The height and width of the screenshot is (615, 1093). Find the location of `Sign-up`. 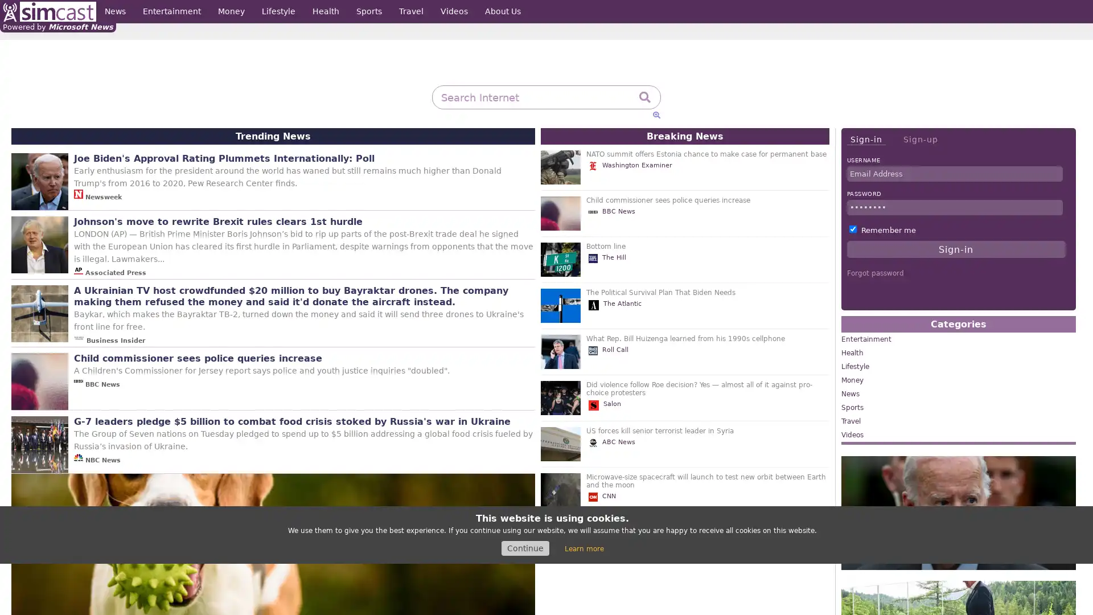

Sign-up is located at coordinates (920, 139).